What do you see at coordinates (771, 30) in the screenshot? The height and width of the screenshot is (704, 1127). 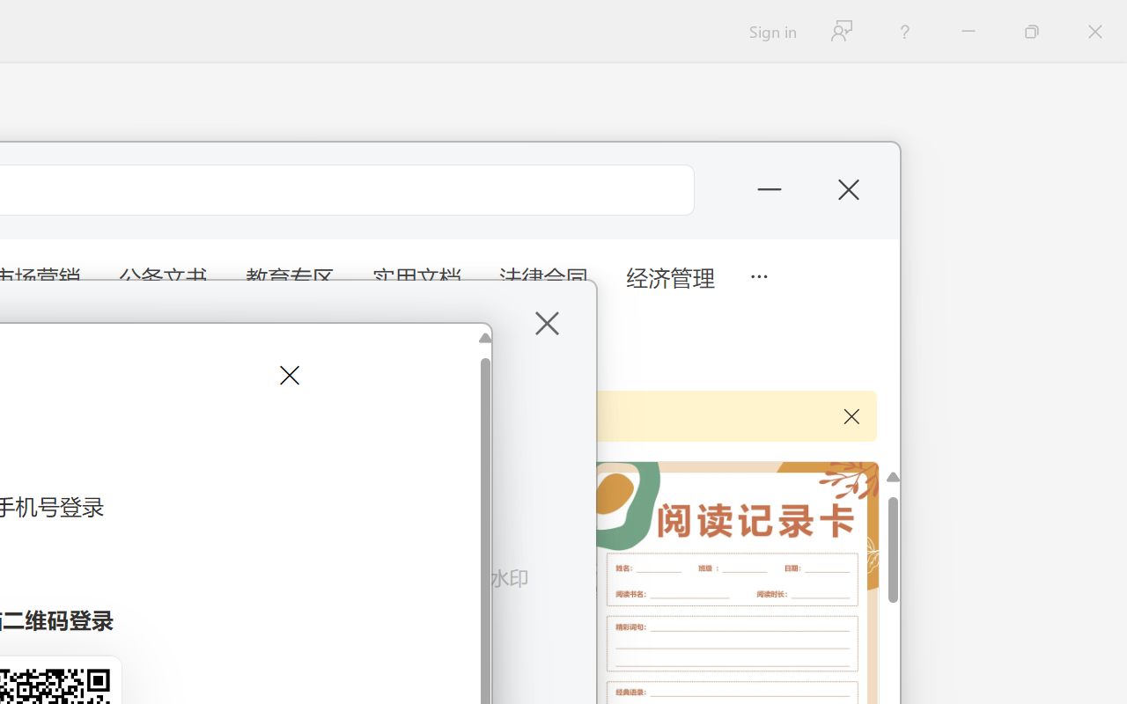 I see `'Sign in'` at bounding box center [771, 30].